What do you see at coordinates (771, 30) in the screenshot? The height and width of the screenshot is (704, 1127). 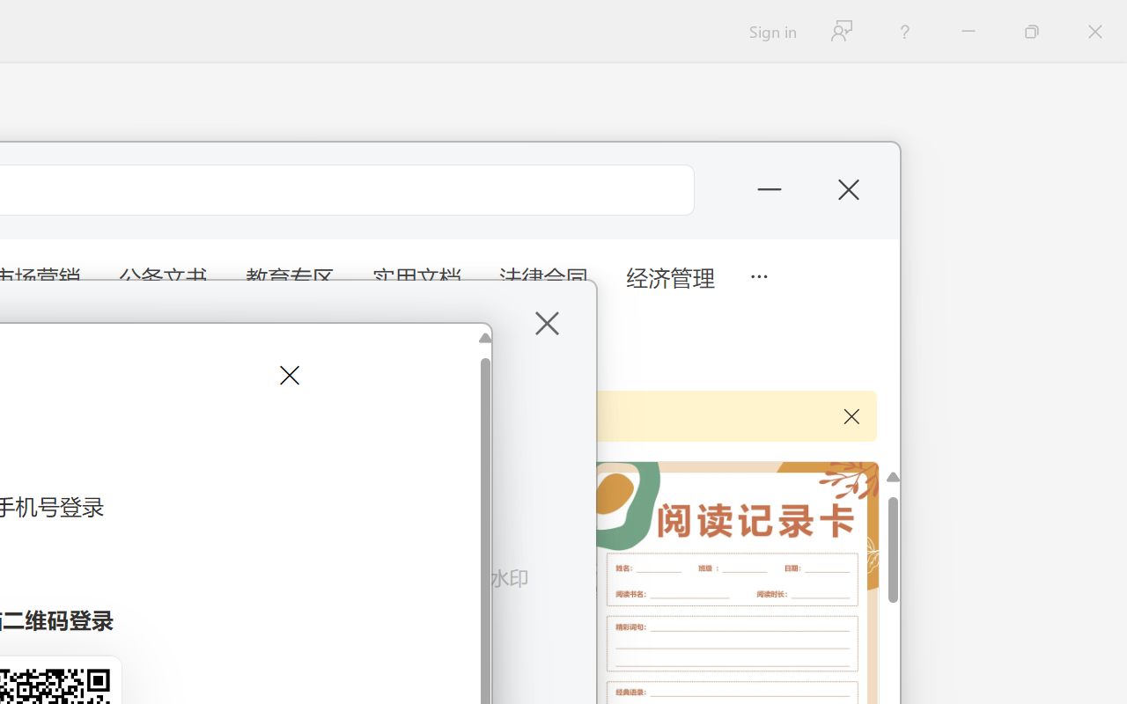 I see `'Sign in'` at bounding box center [771, 30].